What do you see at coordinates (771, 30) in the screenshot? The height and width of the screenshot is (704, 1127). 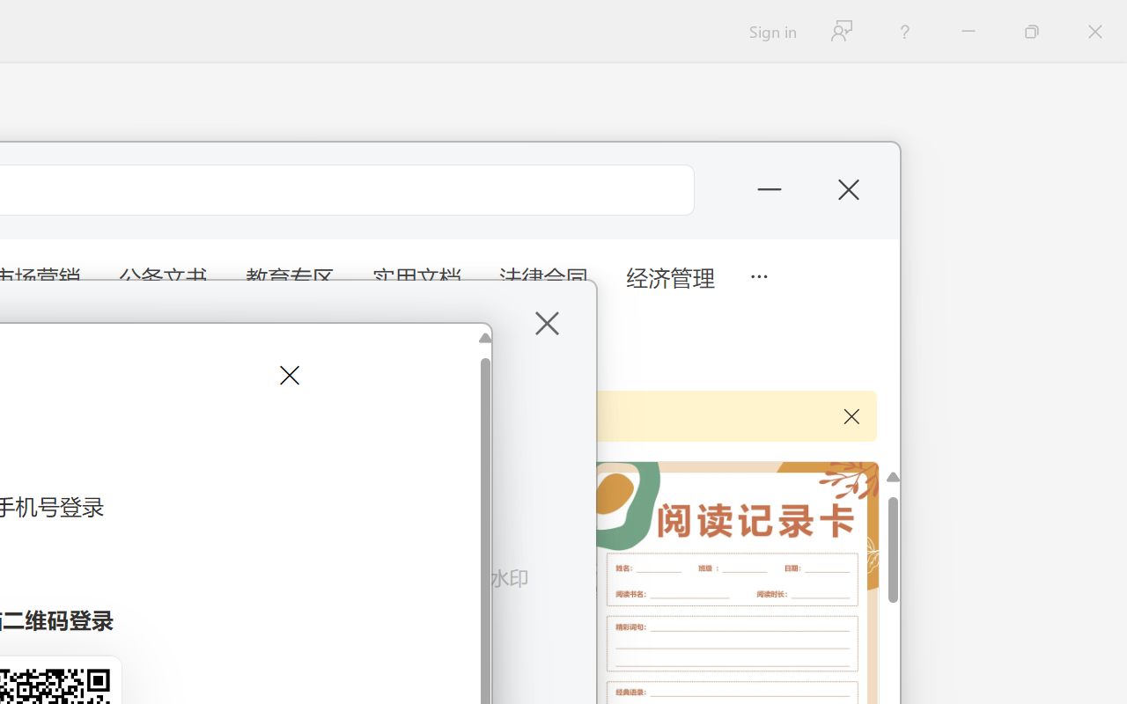 I see `'Sign in'` at bounding box center [771, 30].